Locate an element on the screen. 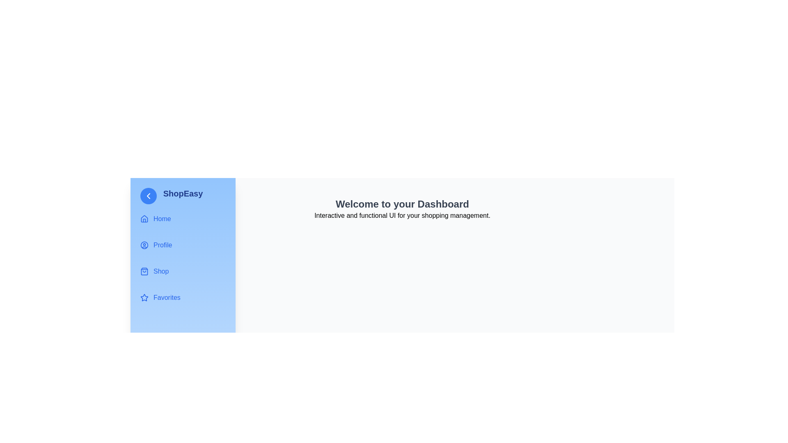 This screenshot has height=443, width=788. the 'Profile' menu item in the sidebar to activate the hover effect, which is indicated by a light blue shade is located at coordinates (183, 244).